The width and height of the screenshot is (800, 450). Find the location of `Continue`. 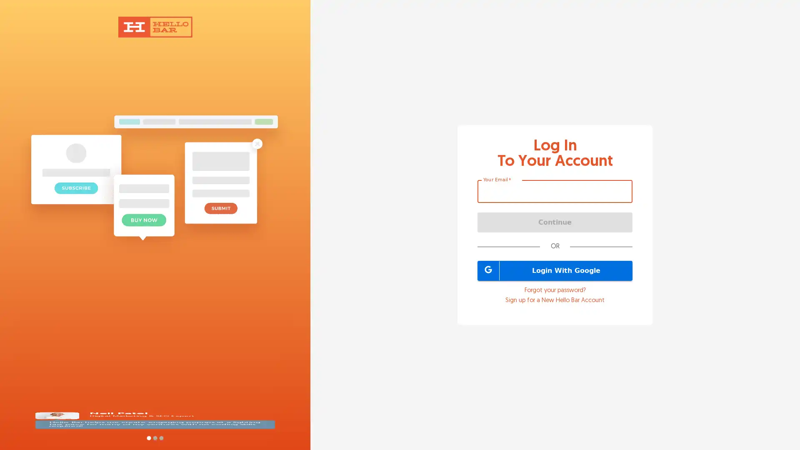

Continue is located at coordinates (555, 221).